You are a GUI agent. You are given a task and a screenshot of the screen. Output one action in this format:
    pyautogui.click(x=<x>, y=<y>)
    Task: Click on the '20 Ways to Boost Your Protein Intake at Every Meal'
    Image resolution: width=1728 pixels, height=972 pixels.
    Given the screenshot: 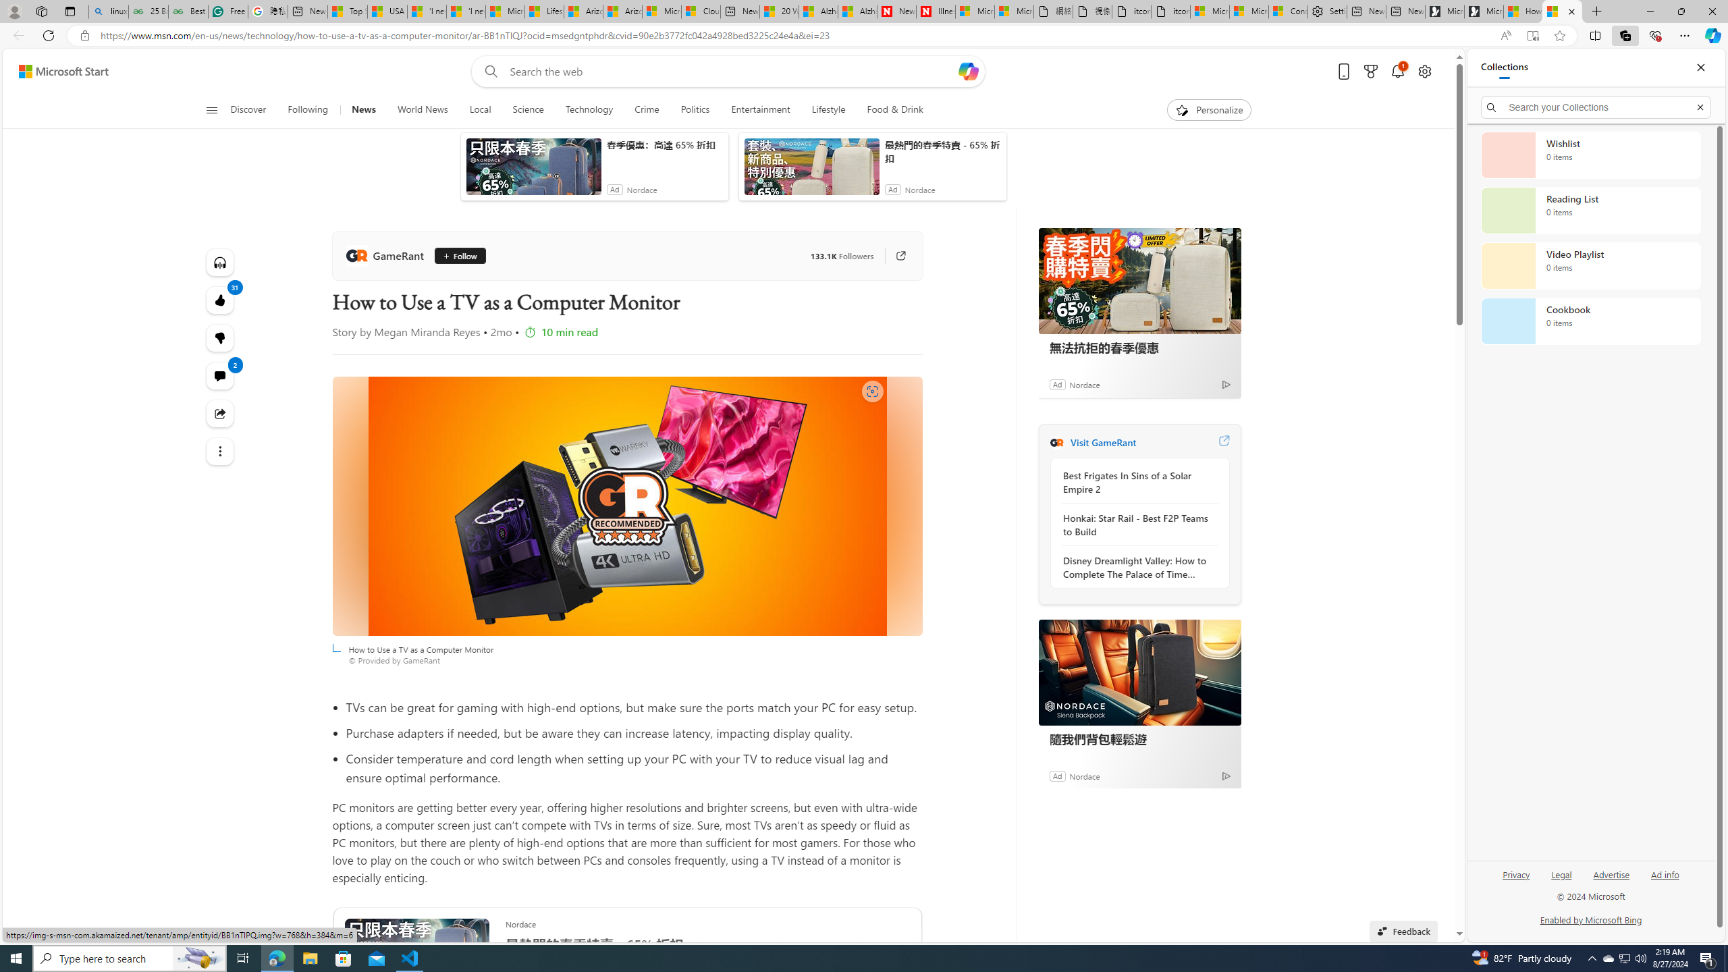 What is the action you would take?
    pyautogui.click(x=778, y=11)
    